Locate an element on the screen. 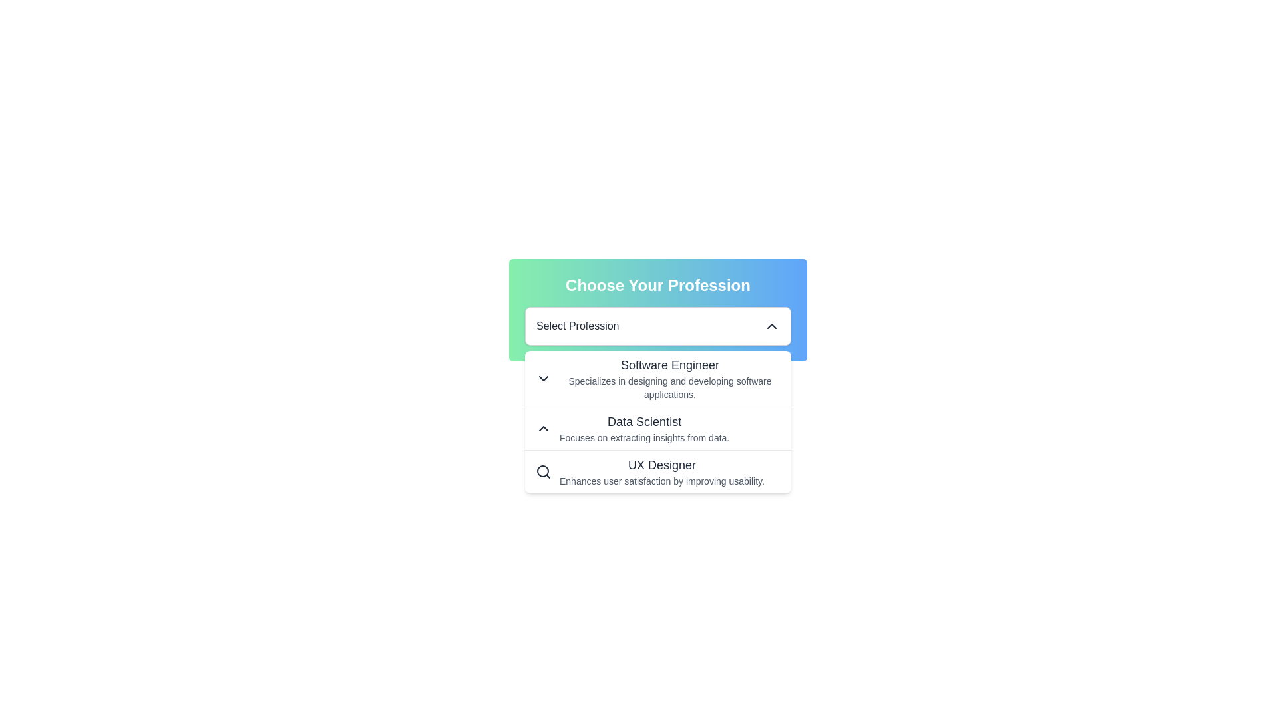 Image resolution: width=1279 pixels, height=719 pixels. the upward chevron icon located at the far-right side of the 'Select Profession' dropdown is located at coordinates (771, 326).